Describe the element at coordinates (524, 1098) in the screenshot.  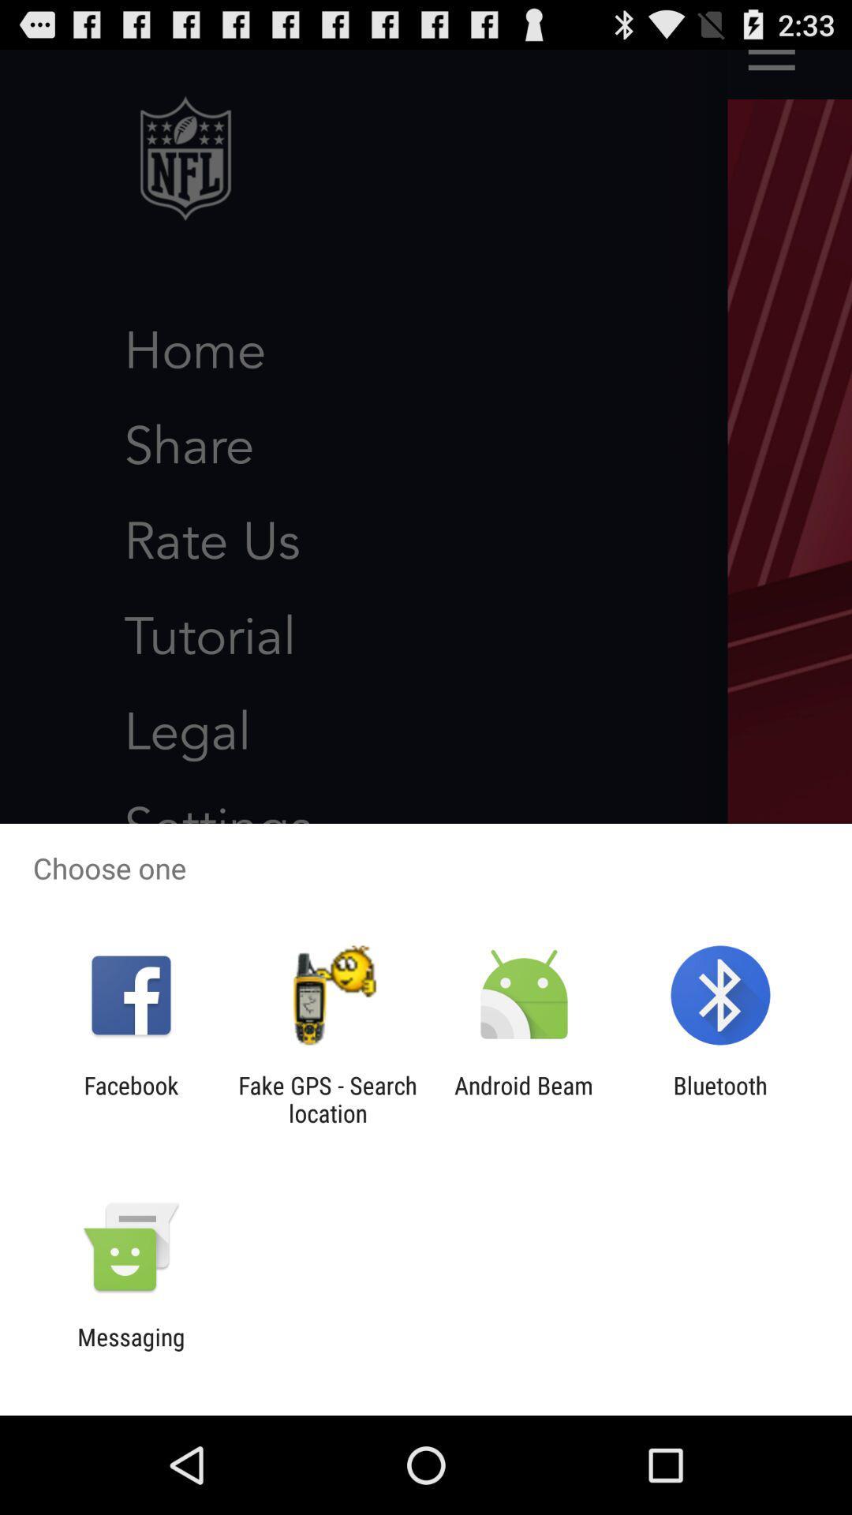
I see `android beam item` at that location.